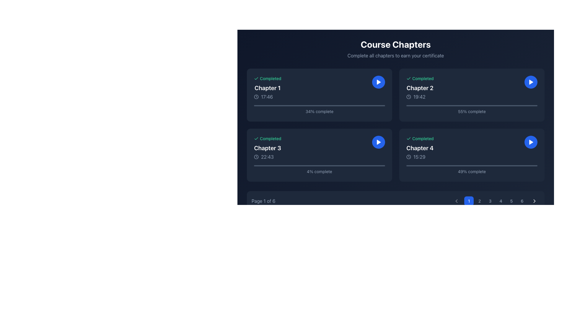 This screenshot has width=567, height=318. What do you see at coordinates (256, 96) in the screenshot?
I see `the circular graphic within the SVG icon that precedes the timestamp '17:46' in the 'Chapter 1' card` at bounding box center [256, 96].